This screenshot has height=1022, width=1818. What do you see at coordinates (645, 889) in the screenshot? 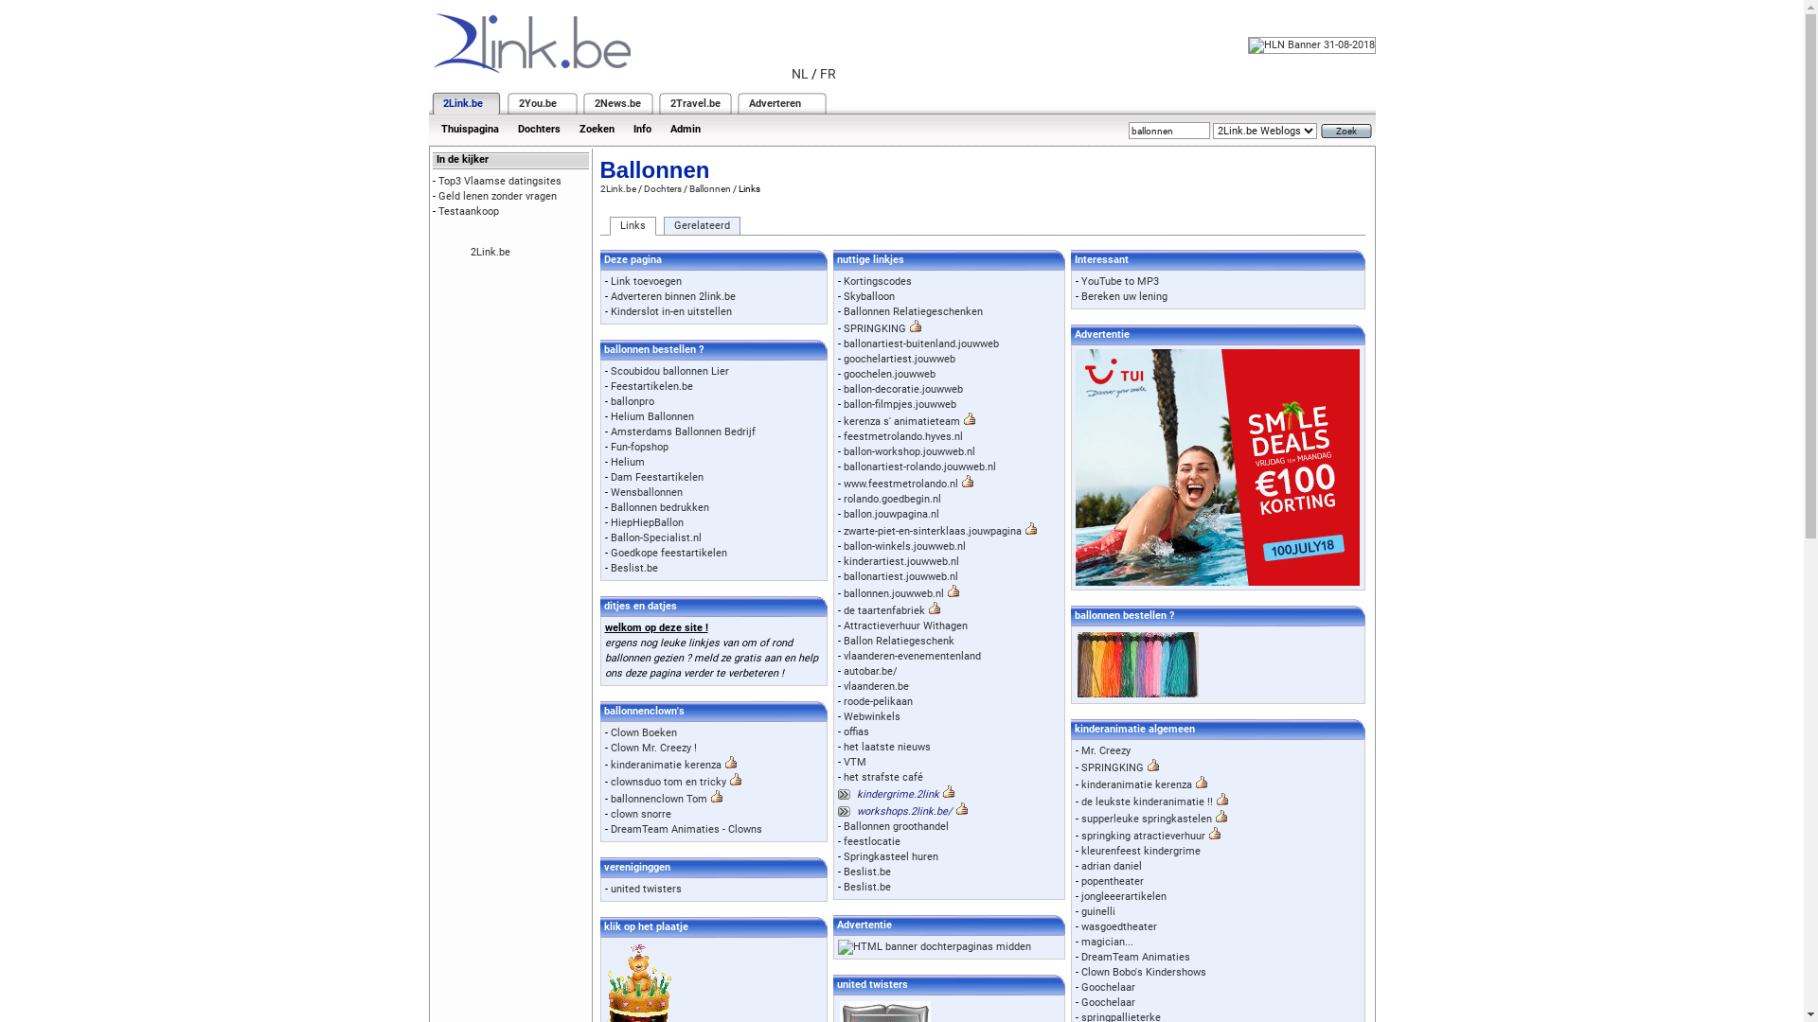
I see `'united twisters'` at bounding box center [645, 889].